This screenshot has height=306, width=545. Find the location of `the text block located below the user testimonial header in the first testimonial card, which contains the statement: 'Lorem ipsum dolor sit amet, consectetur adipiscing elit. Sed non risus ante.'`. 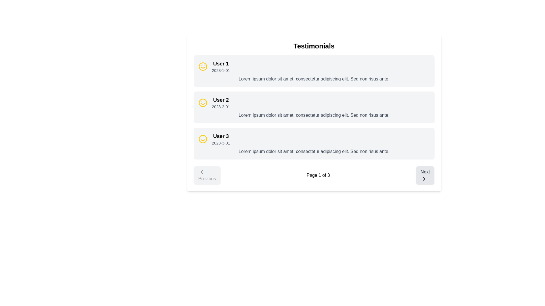

the text block located below the user testimonial header in the first testimonial card, which contains the statement: 'Lorem ipsum dolor sit amet, consectetur adipiscing elit. Sed non risus ante.' is located at coordinates (314, 79).